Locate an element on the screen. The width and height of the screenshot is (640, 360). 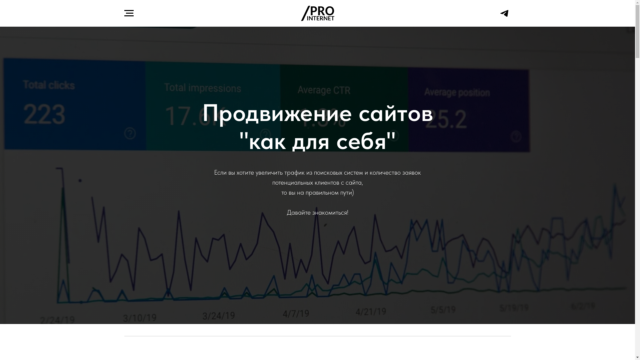
'Telegram' is located at coordinates (499, 16).